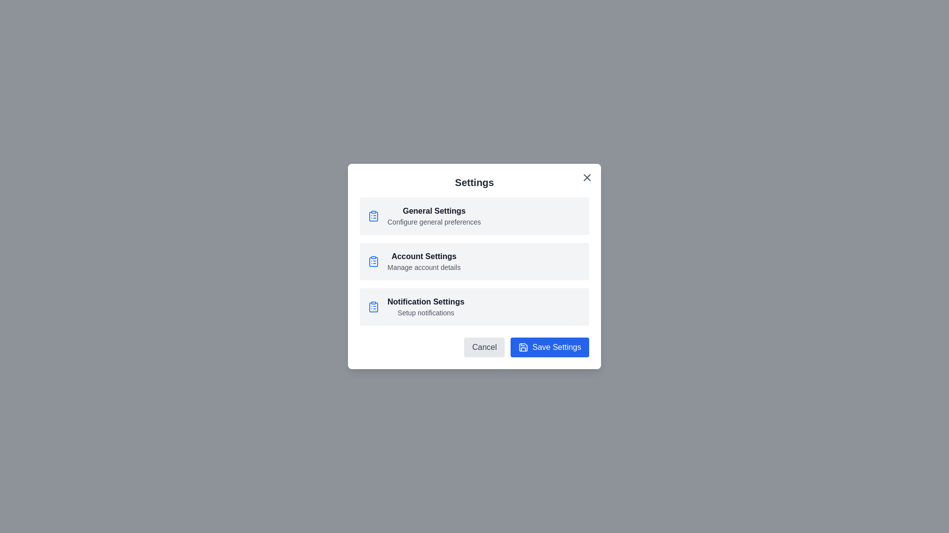 This screenshot has width=949, height=533. What do you see at coordinates (549, 347) in the screenshot?
I see `the save button located at the bottom-right of the modal dialog` at bounding box center [549, 347].